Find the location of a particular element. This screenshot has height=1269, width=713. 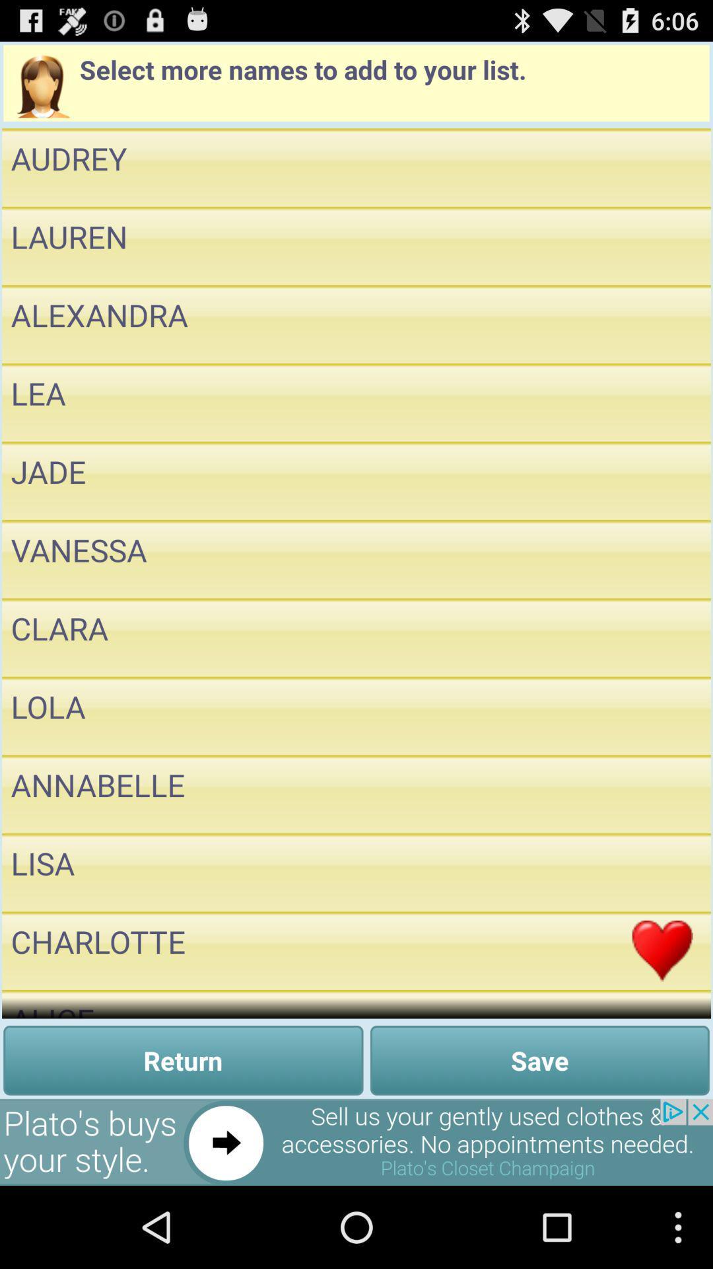

to favorites is located at coordinates (662, 715).